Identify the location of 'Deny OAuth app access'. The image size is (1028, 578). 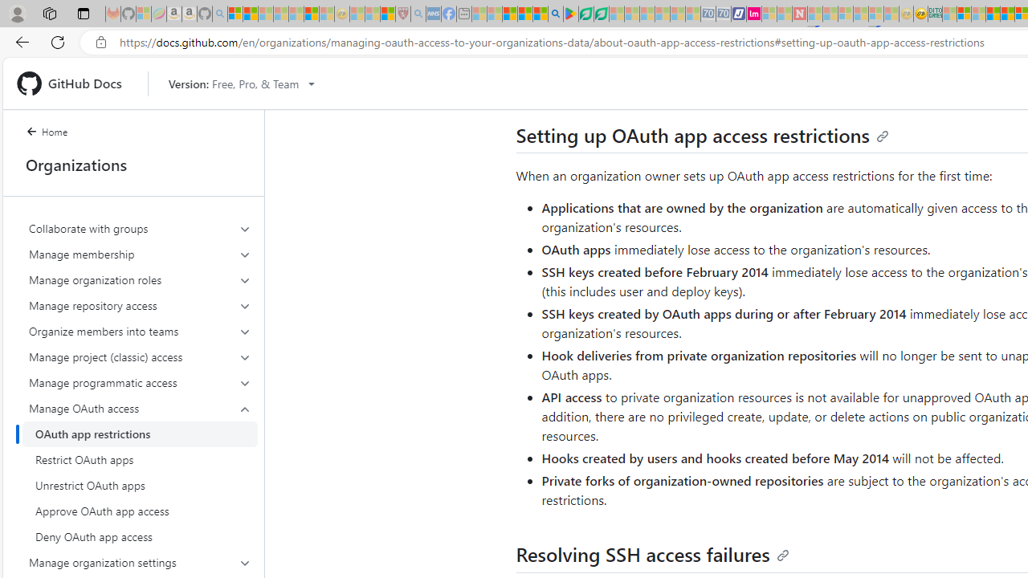
(140, 536).